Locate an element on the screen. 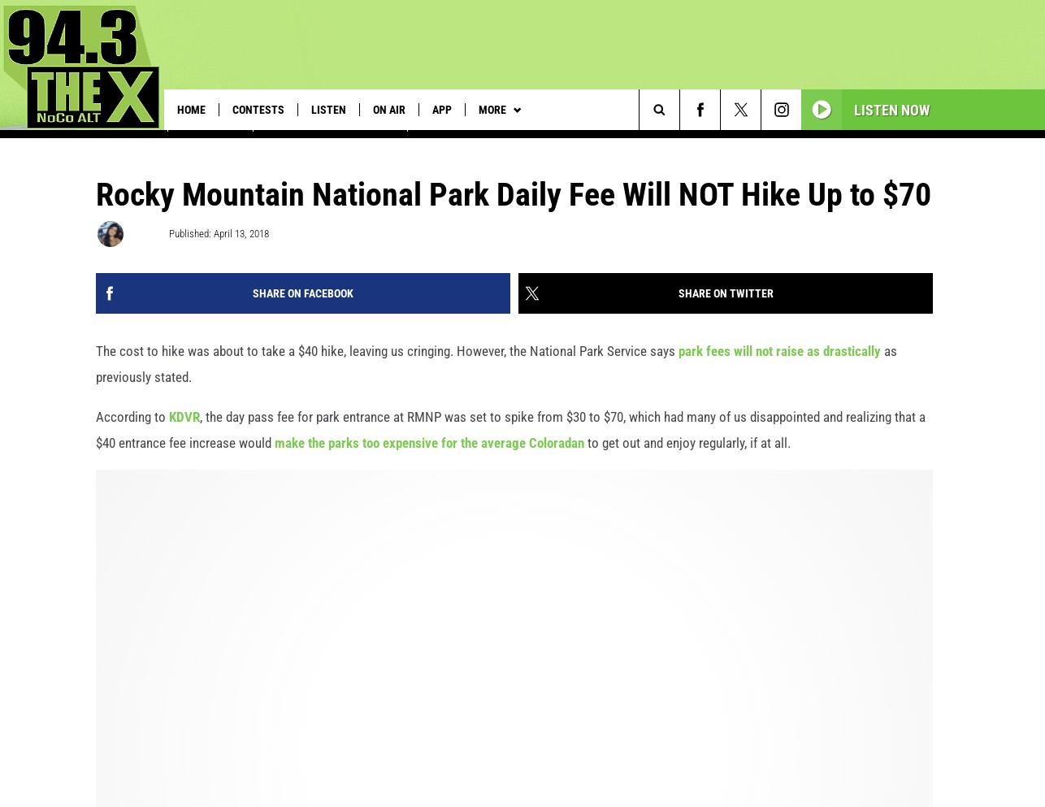  'as previously stated.' is located at coordinates (495, 380).